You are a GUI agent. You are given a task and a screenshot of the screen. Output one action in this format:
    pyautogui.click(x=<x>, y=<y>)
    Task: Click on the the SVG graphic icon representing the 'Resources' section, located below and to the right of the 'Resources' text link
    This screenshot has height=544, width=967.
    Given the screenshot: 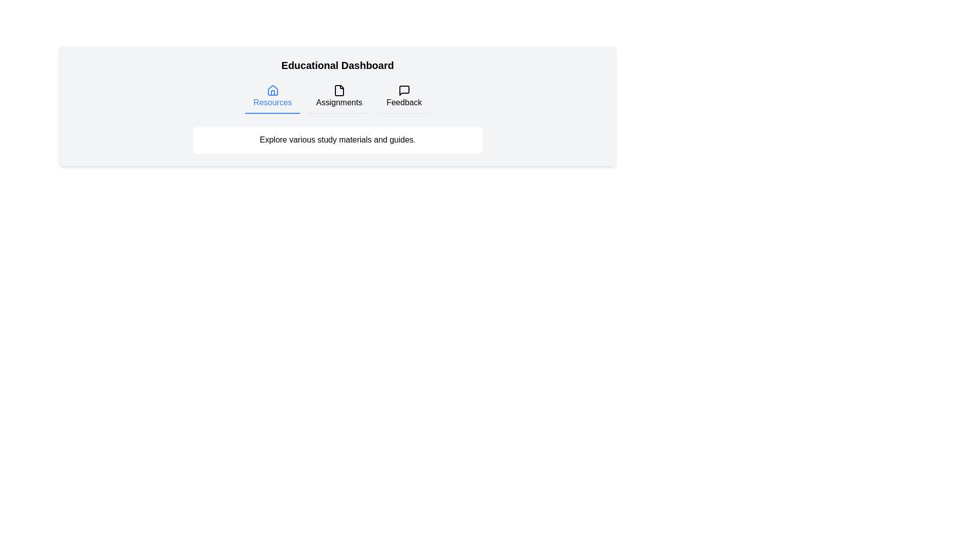 What is the action you would take?
    pyautogui.click(x=272, y=90)
    